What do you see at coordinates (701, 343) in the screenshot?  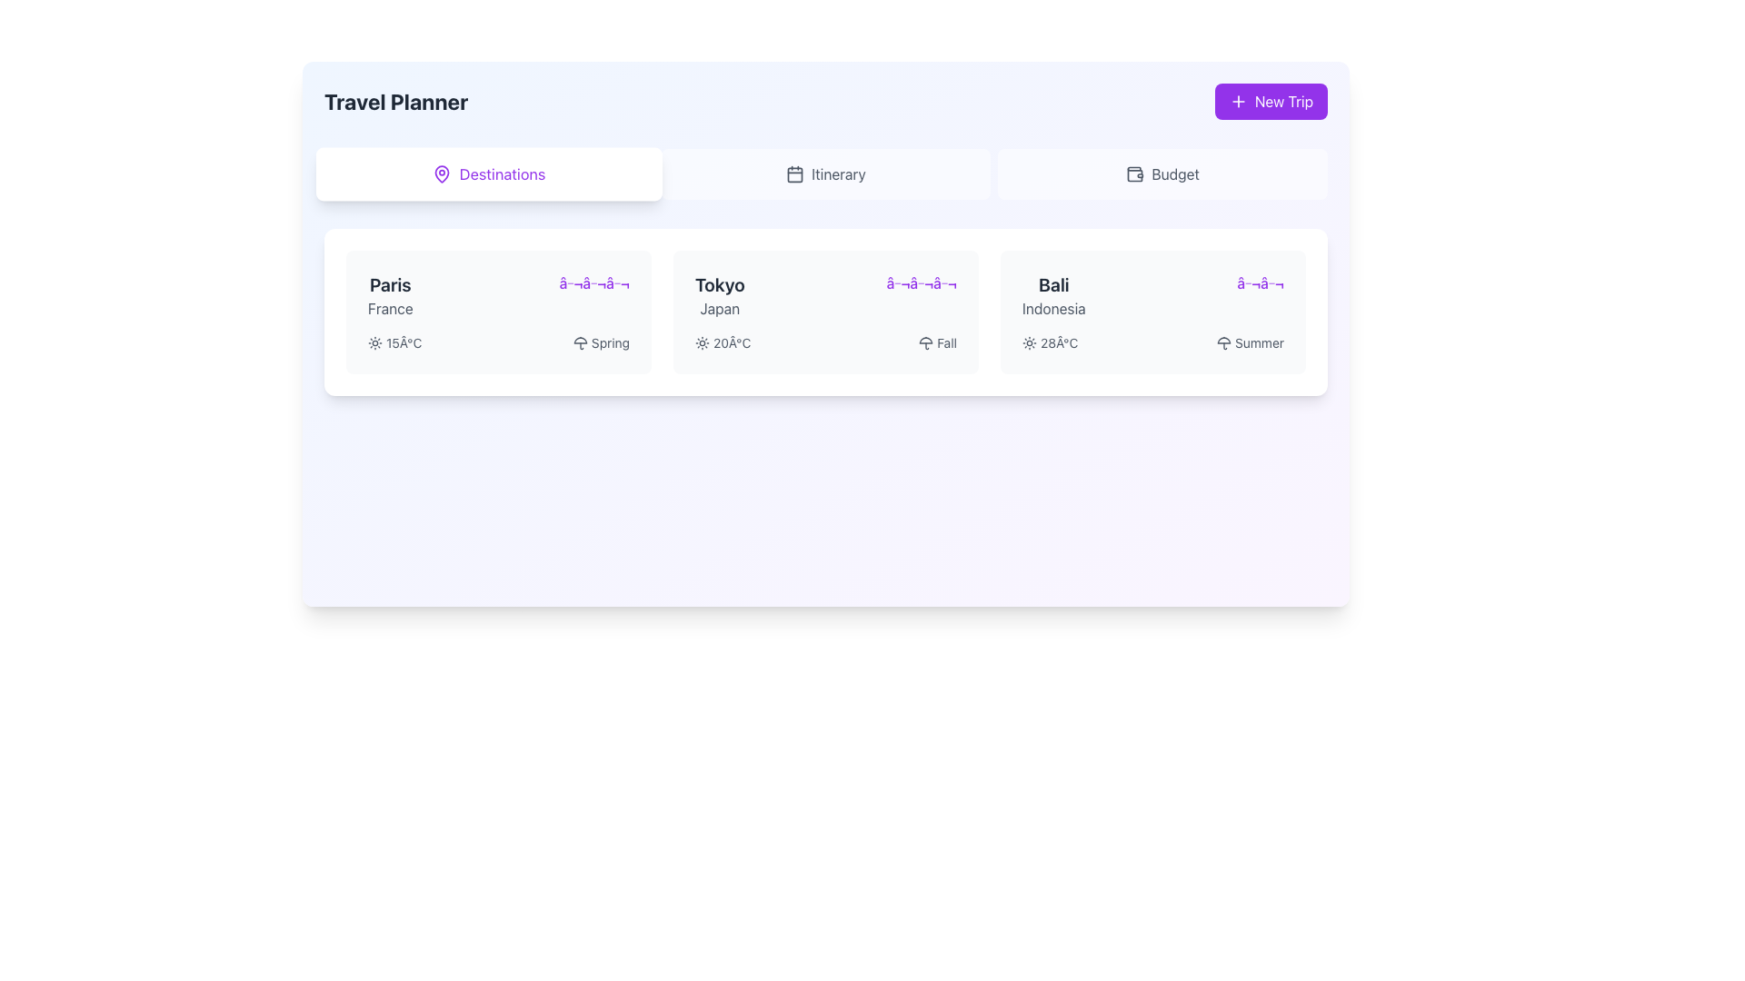 I see `the sun-like icon located within the 'Tokyo' card, which is positioned to the left of the '20°C' temperature display` at bounding box center [701, 343].